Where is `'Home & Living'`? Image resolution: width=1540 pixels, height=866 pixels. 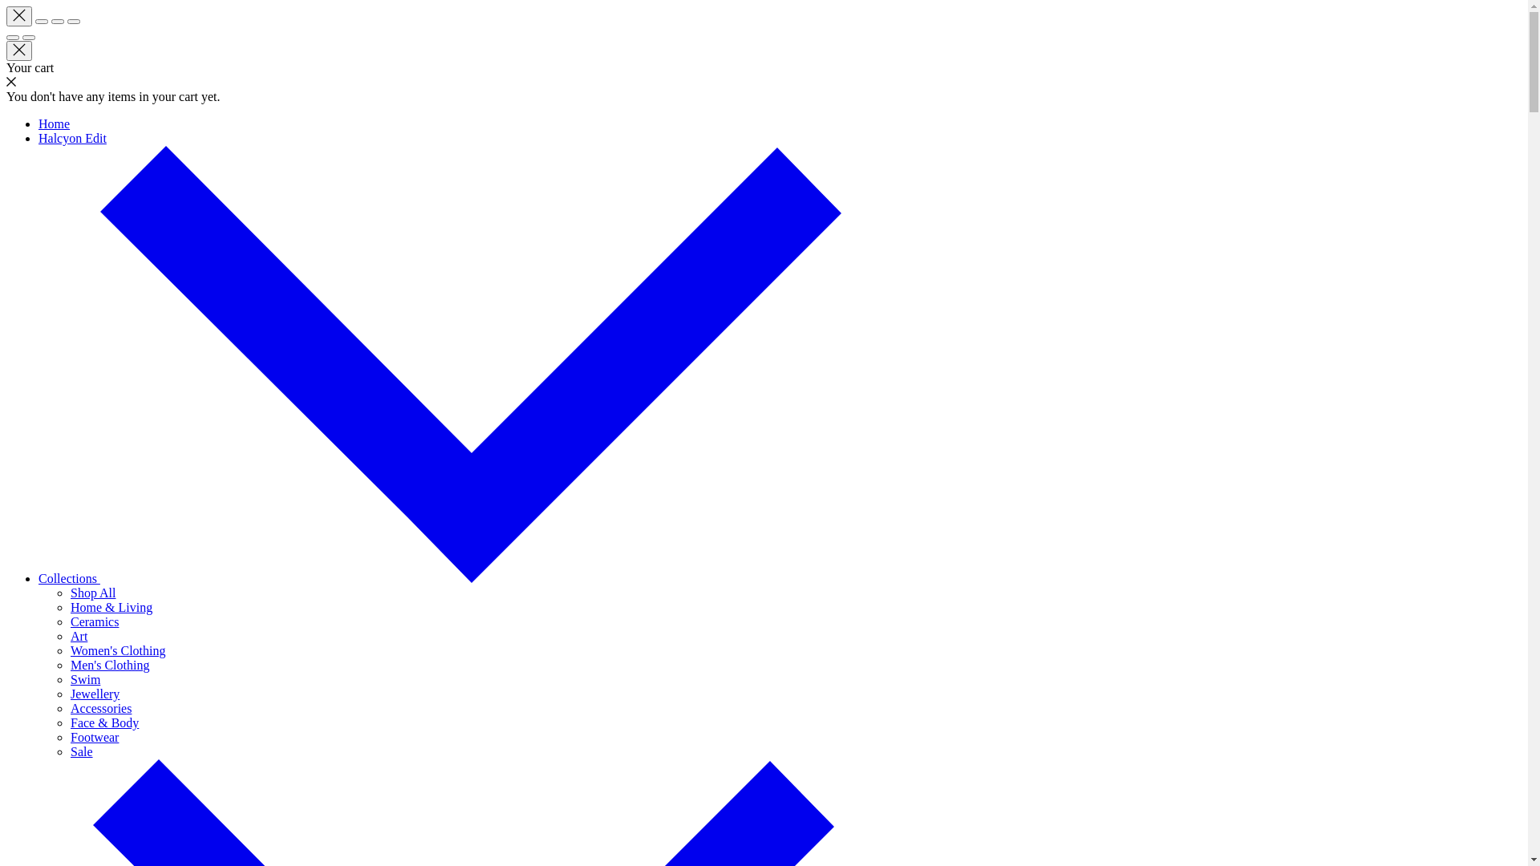
'Home & Living' is located at coordinates (111, 607).